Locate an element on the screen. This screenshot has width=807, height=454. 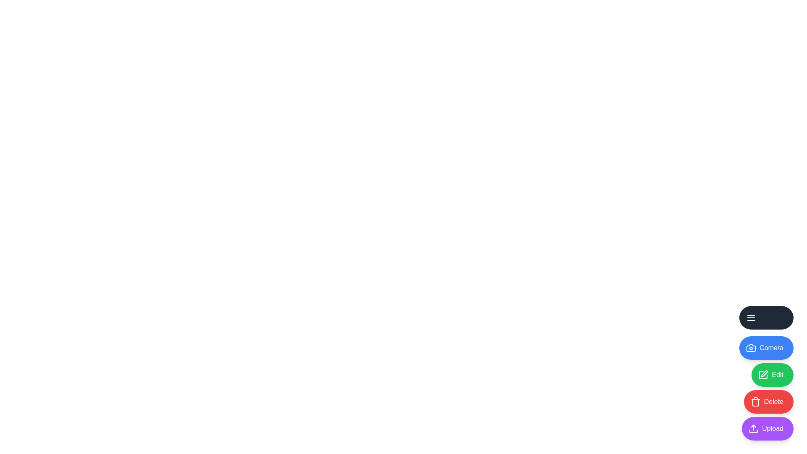
the Edit icon to interact with it is located at coordinates (773, 374).